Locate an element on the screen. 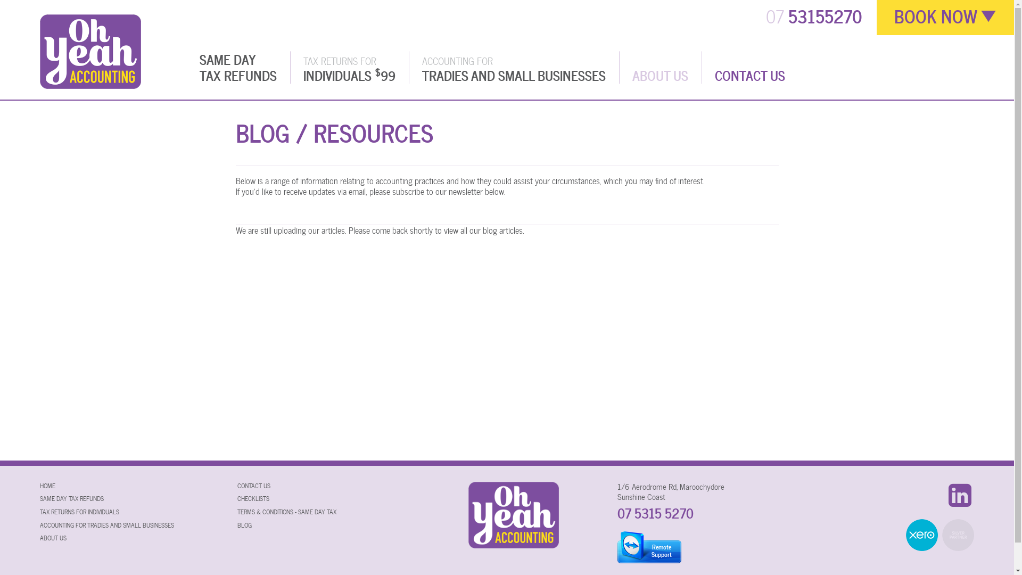 This screenshot has height=575, width=1022. 'LinkedIn' is located at coordinates (960, 495).